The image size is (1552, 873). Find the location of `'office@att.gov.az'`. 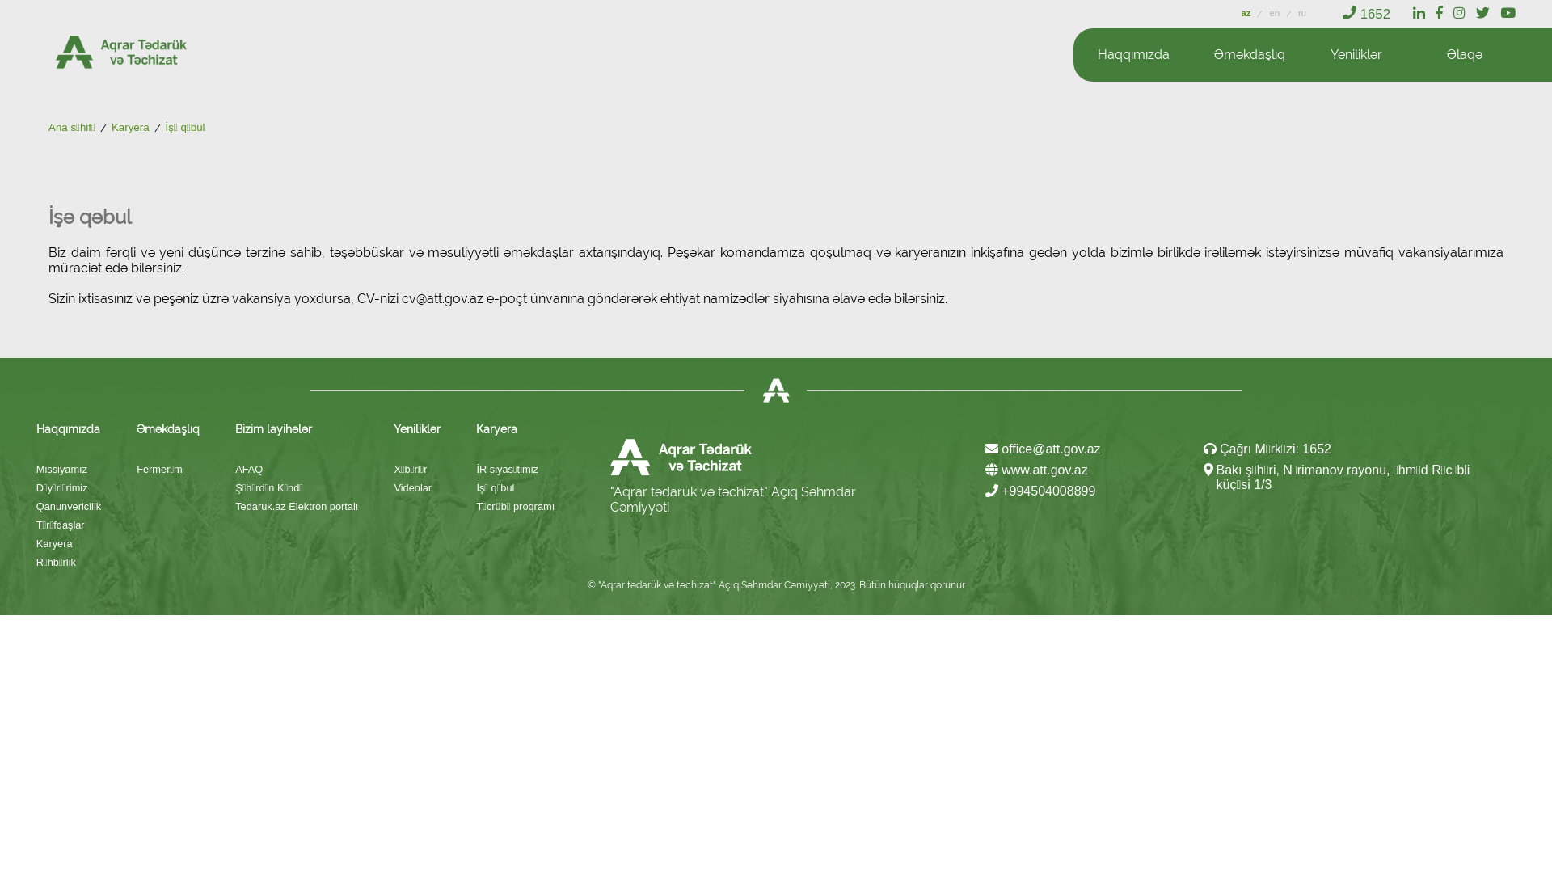

'office@att.gov.az' is located at coordinates (1043, 449).